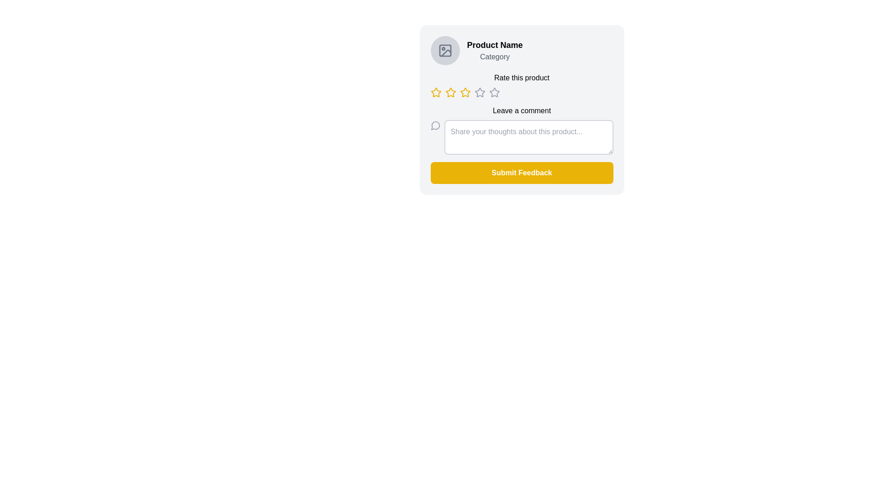  Describe the element at coordinates (435, 93) in the screenshot. I see `the first yellow star icon in the rating stars` at that location.